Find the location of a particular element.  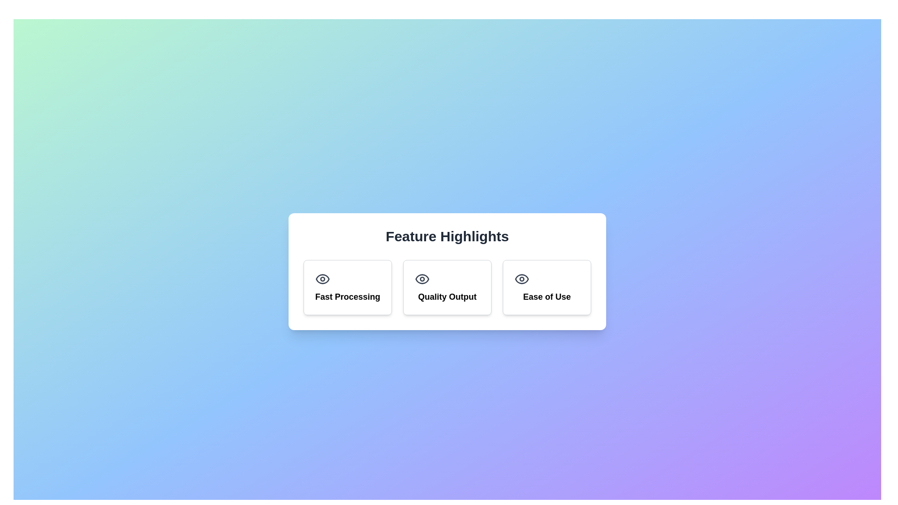

text label indicating 'Fast Processing' located in the leftmost feature tile under 'Feature Highlights' is located at coordinates (347, 297).